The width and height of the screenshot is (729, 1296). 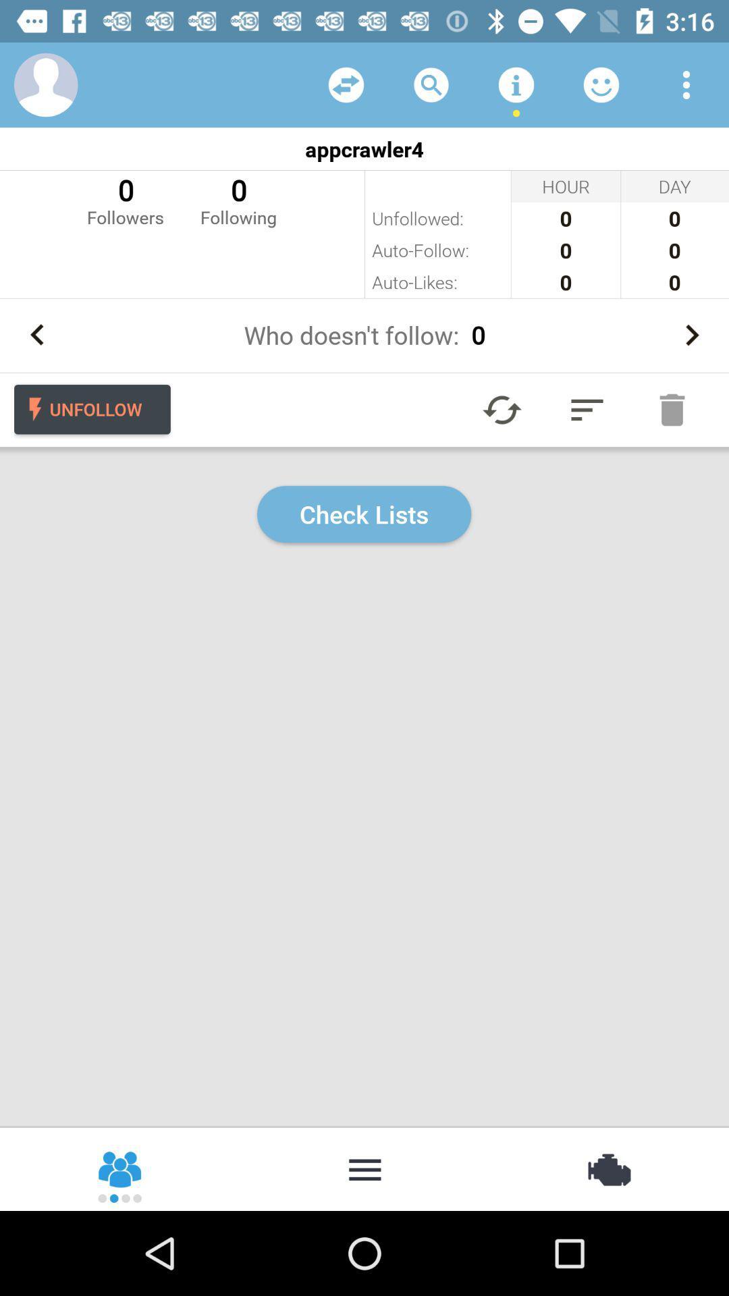 What do you see at coordinates (607, 1168) in the screenshot?
I see `settings` at bounding box center [607, 1168].